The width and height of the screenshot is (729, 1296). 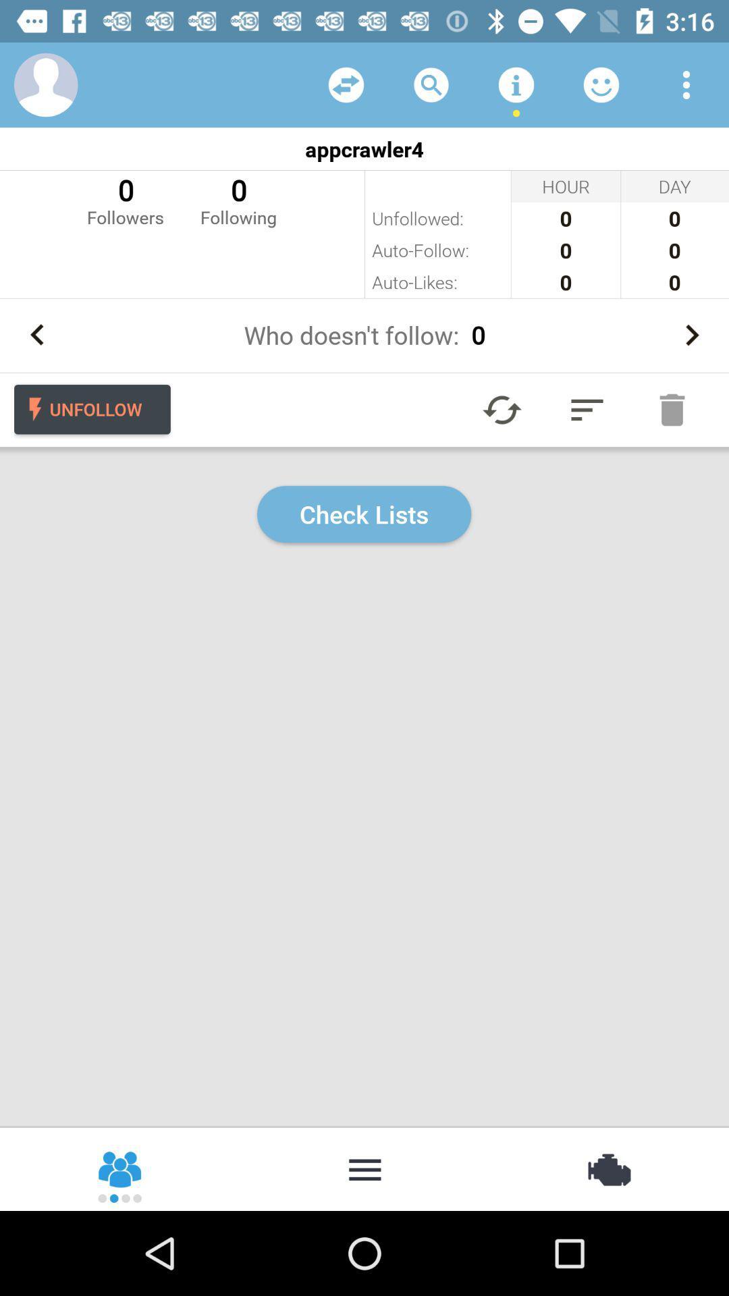 What do you see at coordinates (607, 1168) in the screenshot?
I see `settings` at bounding box center [607, 1168].